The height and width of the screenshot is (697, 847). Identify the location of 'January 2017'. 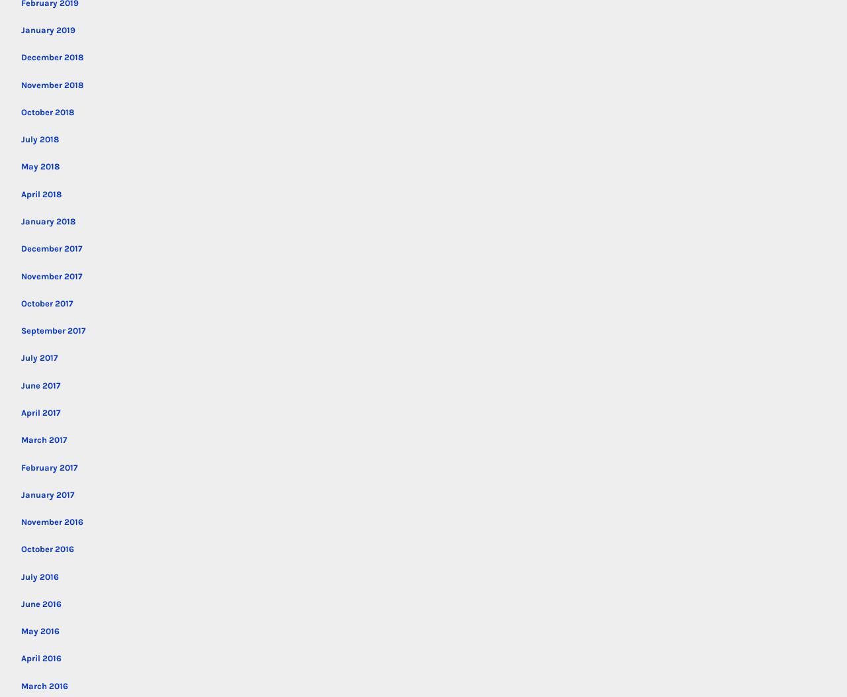
(47, 493).